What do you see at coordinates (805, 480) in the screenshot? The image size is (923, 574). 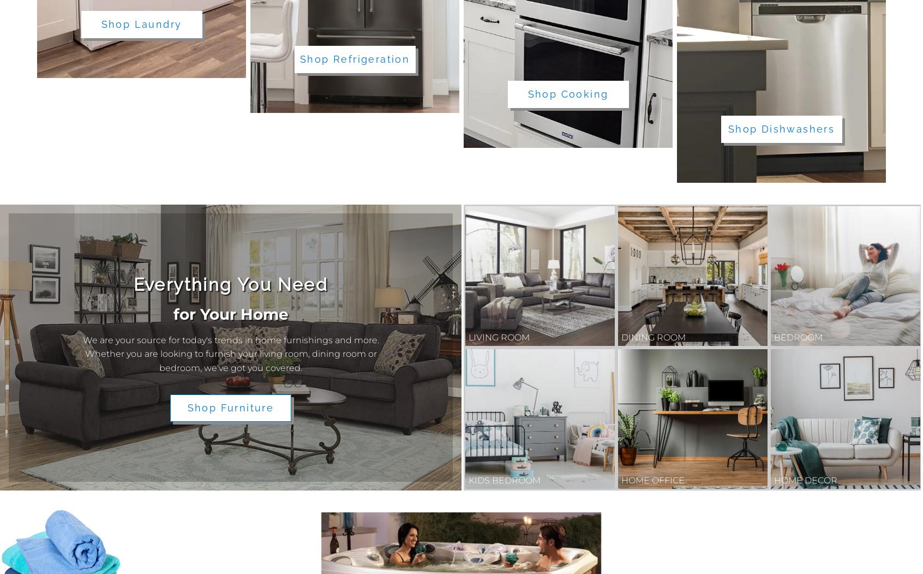 I see `'Home Decor'` at bounding box center [805, 480].